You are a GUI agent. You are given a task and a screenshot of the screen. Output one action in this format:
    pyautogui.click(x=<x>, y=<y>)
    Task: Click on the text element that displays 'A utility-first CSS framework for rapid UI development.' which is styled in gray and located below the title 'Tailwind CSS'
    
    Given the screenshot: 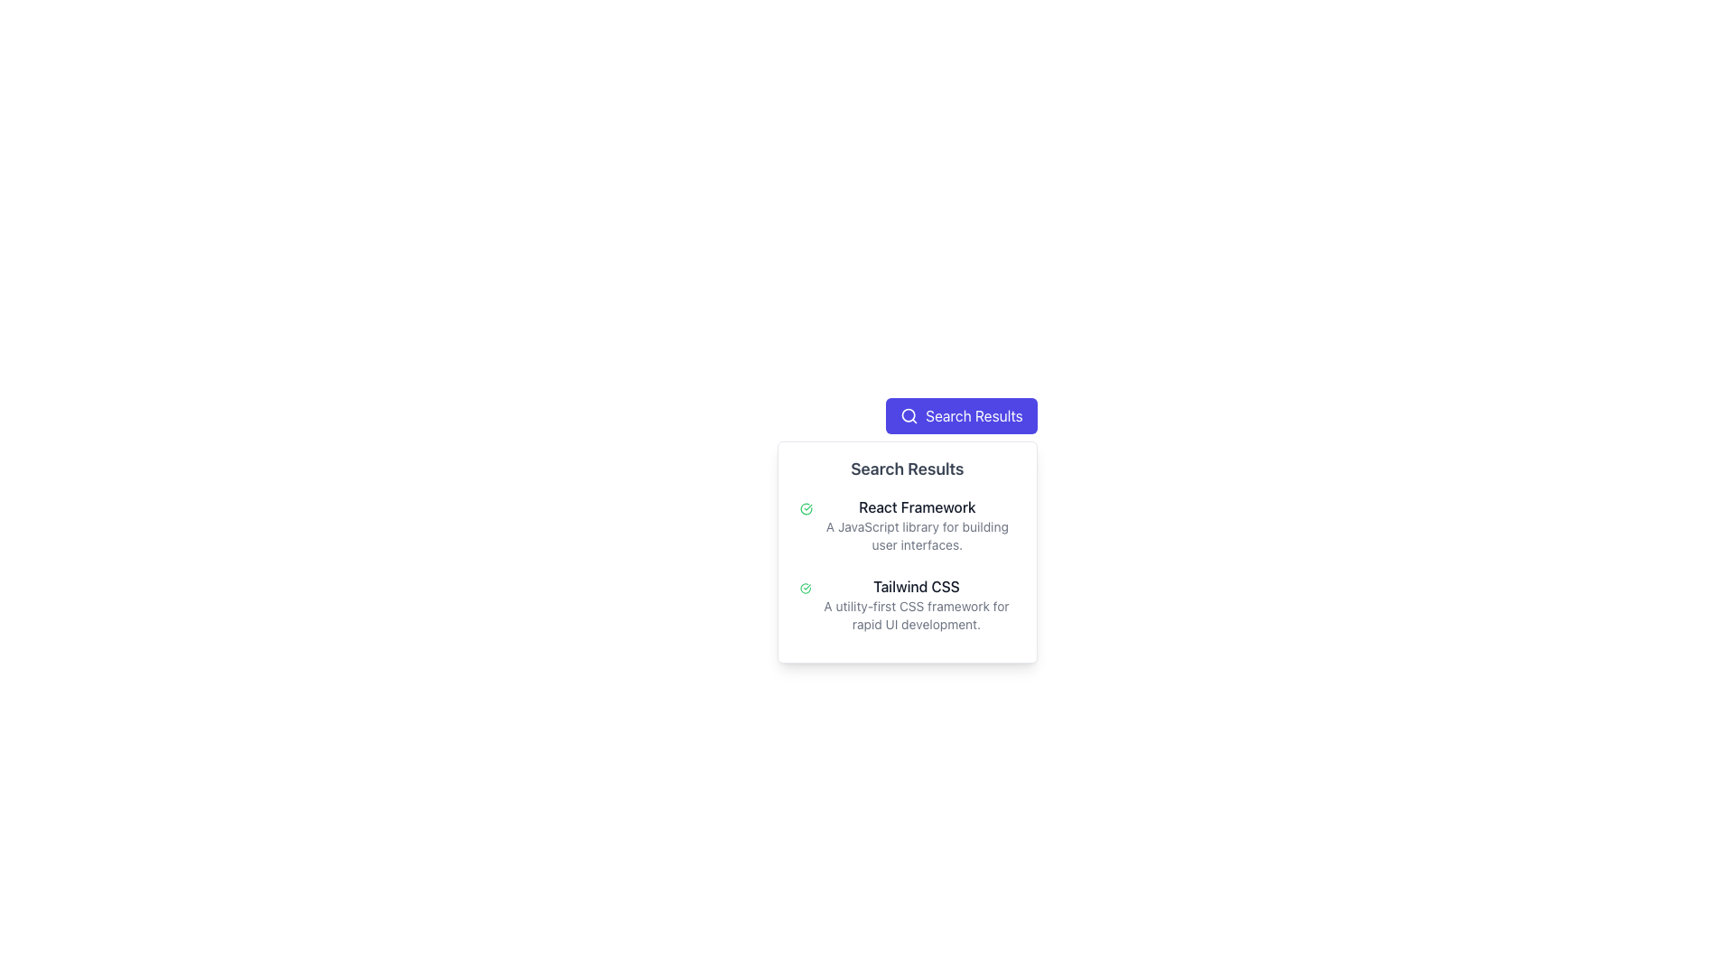 What is the action you would take?
    pyautogui.click(x=917, y=615)
    